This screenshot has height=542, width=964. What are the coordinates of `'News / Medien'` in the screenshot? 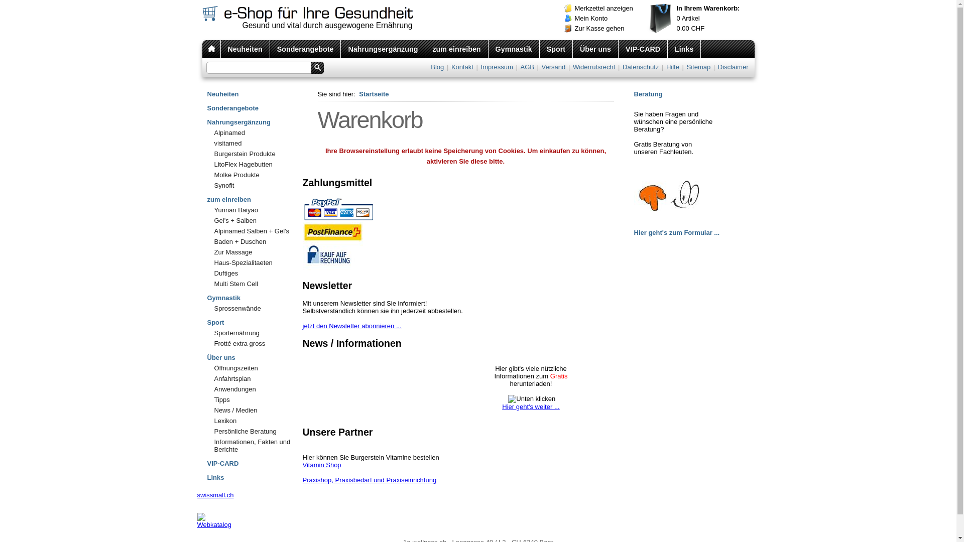 It's located at (206, 410).